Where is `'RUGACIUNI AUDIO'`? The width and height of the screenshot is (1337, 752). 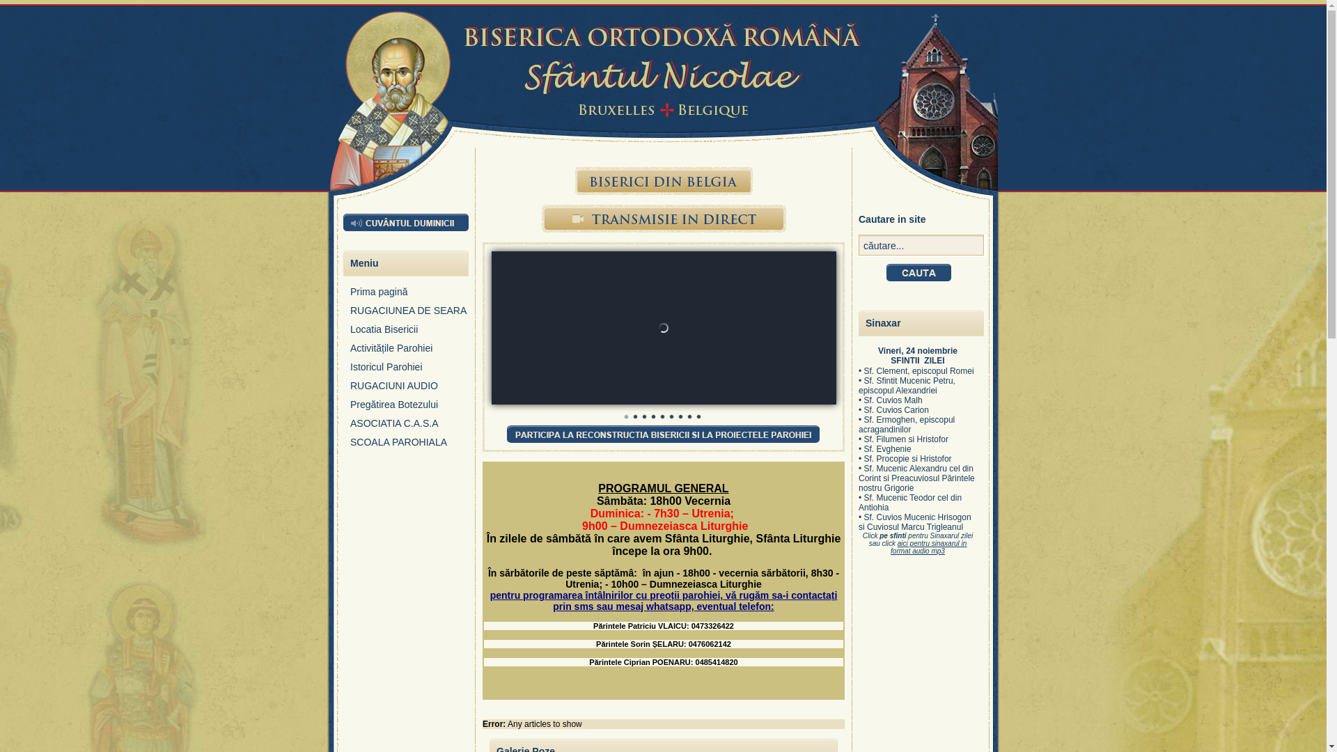
'RUGACIUNI AUDIO' is located at coordinates (350, 389).